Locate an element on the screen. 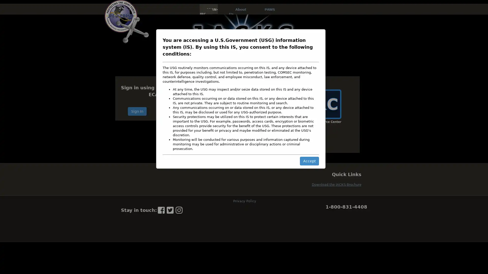 The width and height of the screenshot is (488, 274). Sign In is located at coordinates (137, 111).